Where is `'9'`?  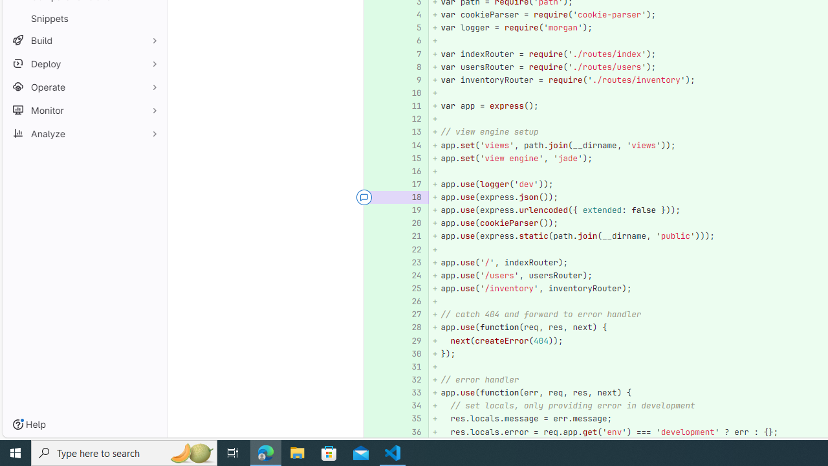
'9' is located at coordinates (409, 80).